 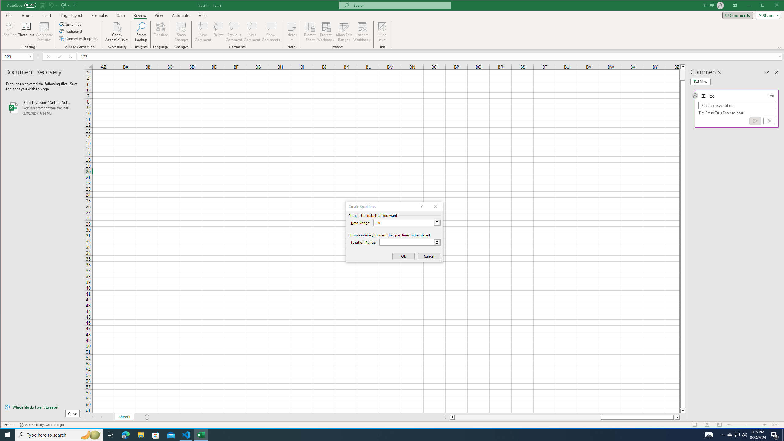 What do you see at coordinates (683, 74) in the screenshot?
I see `'Page up'` at bounding box center [683, 74].